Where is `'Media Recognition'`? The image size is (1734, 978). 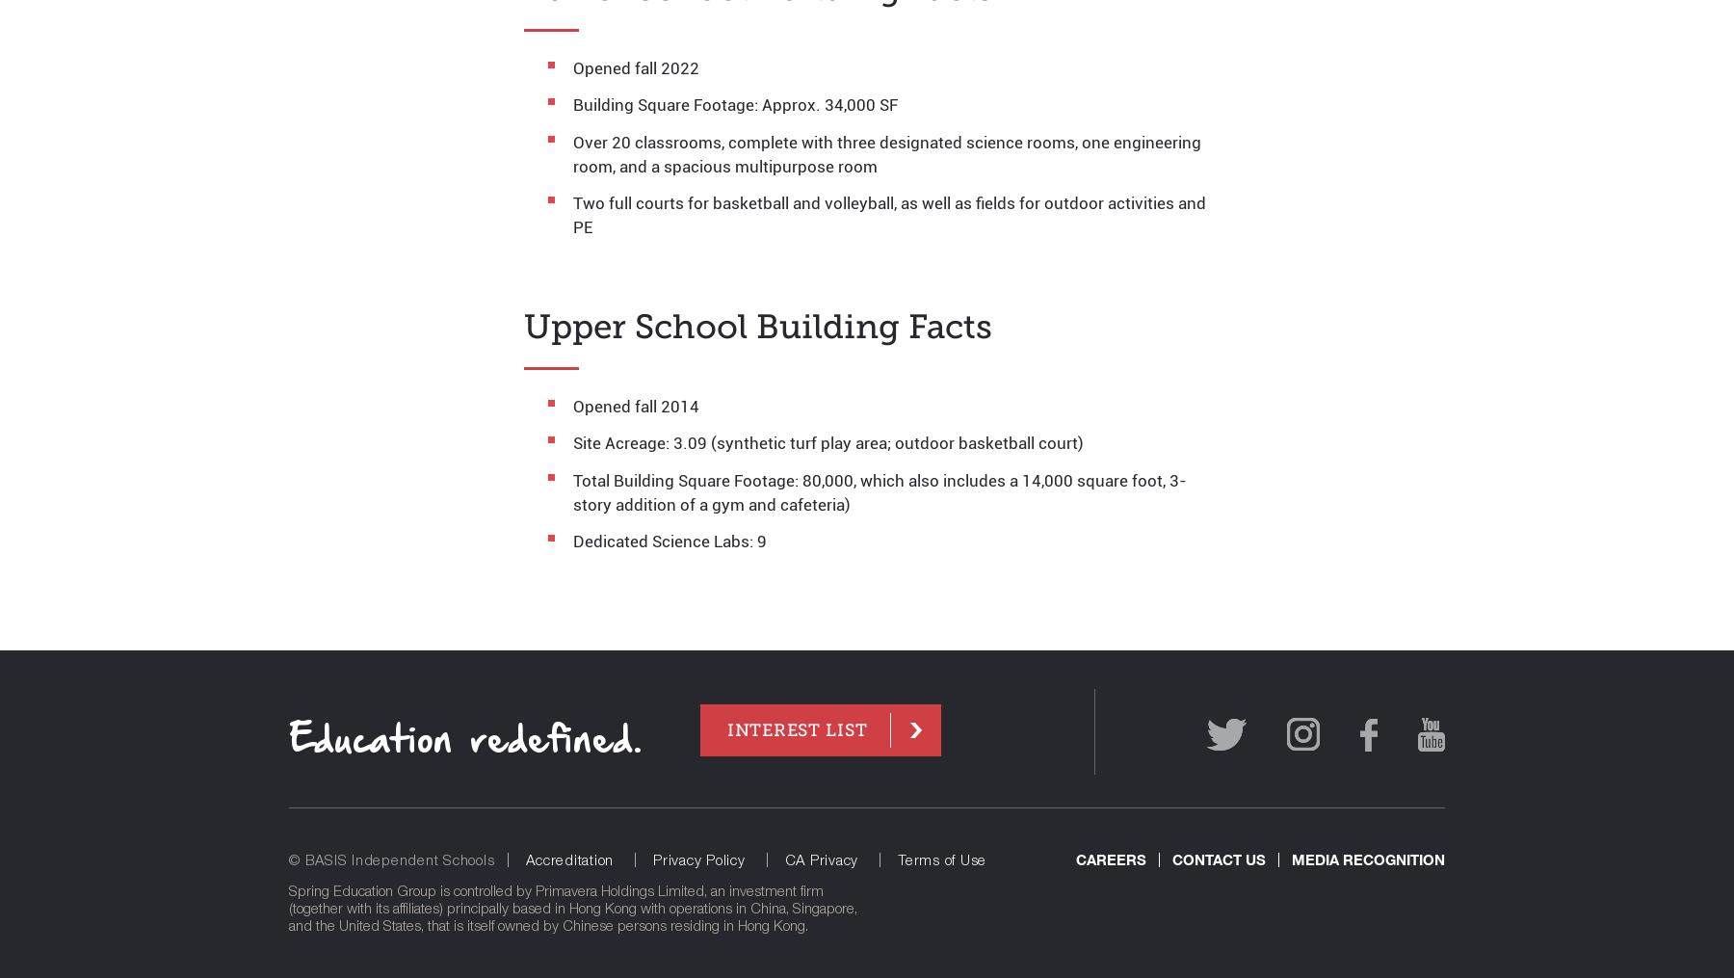 'Media Recognition' is located at coordinates (1367, 857).